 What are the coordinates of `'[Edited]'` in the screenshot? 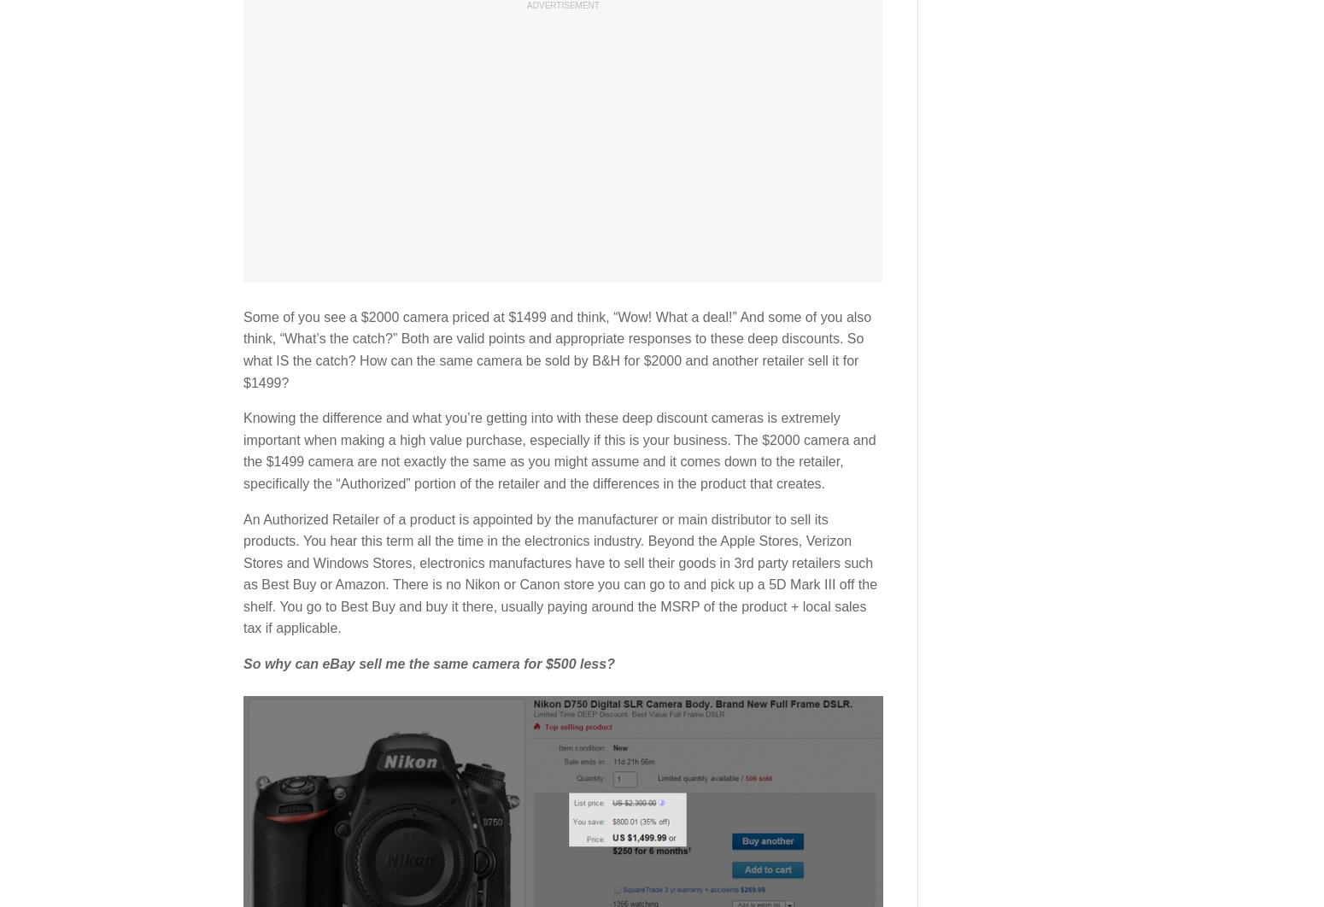 It's located at (484, 215).